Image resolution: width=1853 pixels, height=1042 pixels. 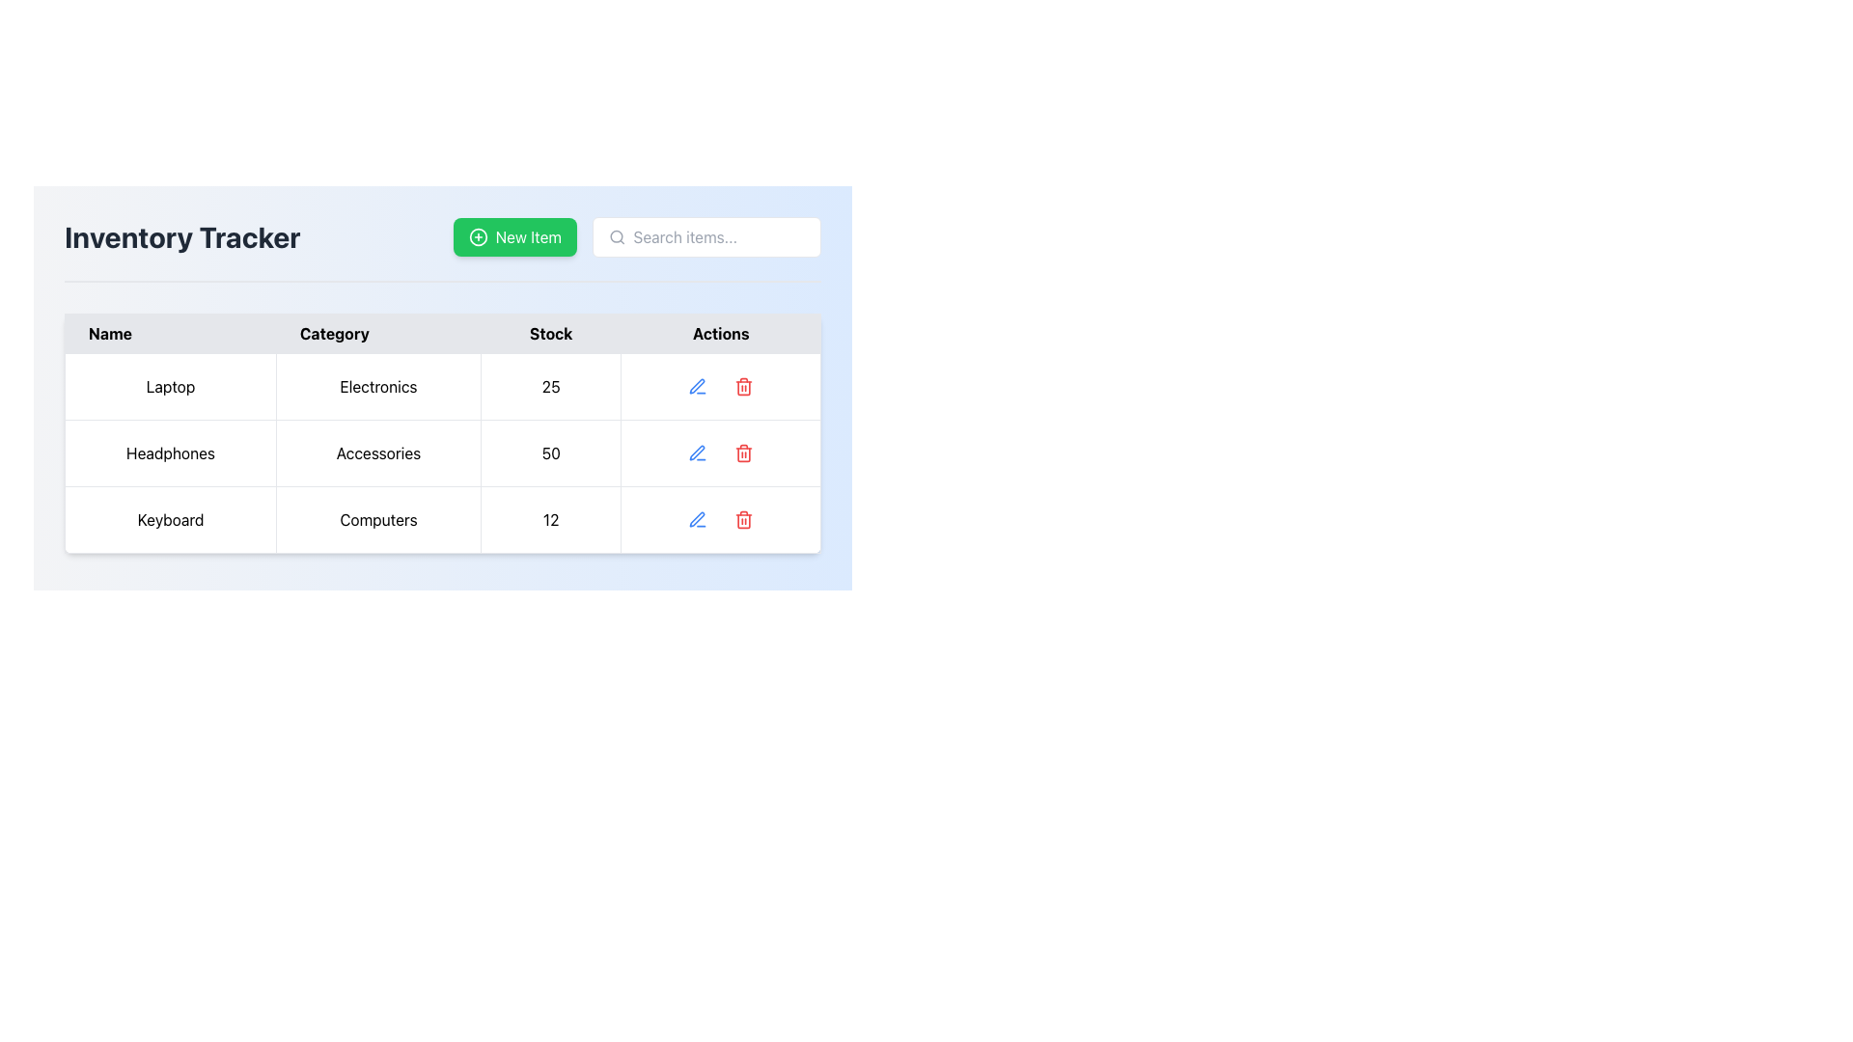 I want to click on the pen-shaped icon button located in the second row of the 'Actions' column of the table, positioned to the left of the red trash bin icon for keyboard interaction, so click(x=696, y=452).